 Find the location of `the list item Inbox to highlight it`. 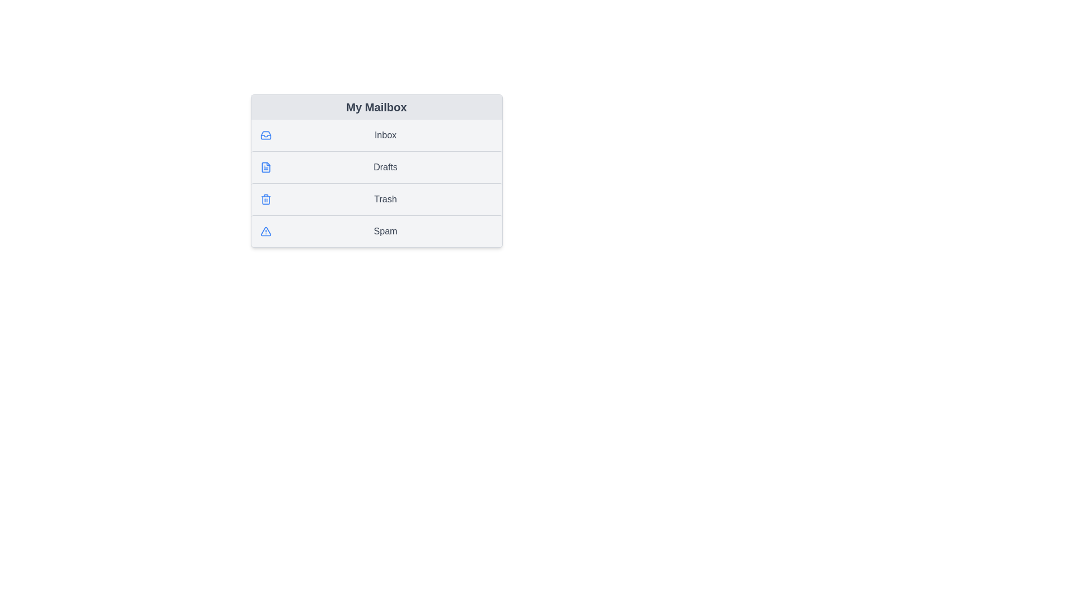

the list item Inbox to highlight it is located at coordinates (376, 134).